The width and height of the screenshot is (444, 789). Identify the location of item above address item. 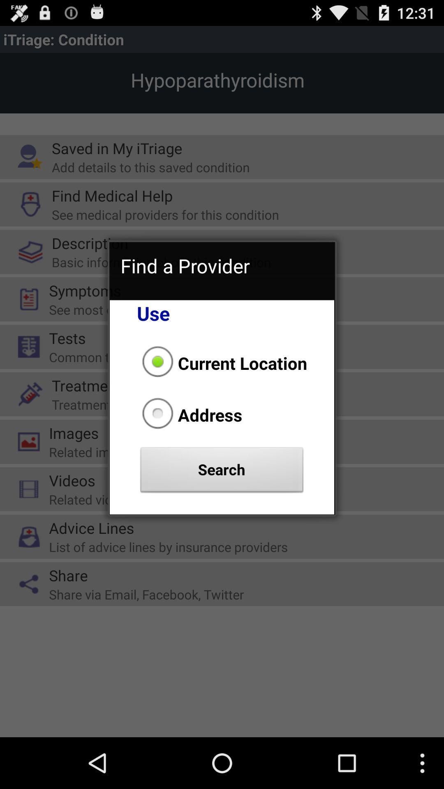
(222, 362).